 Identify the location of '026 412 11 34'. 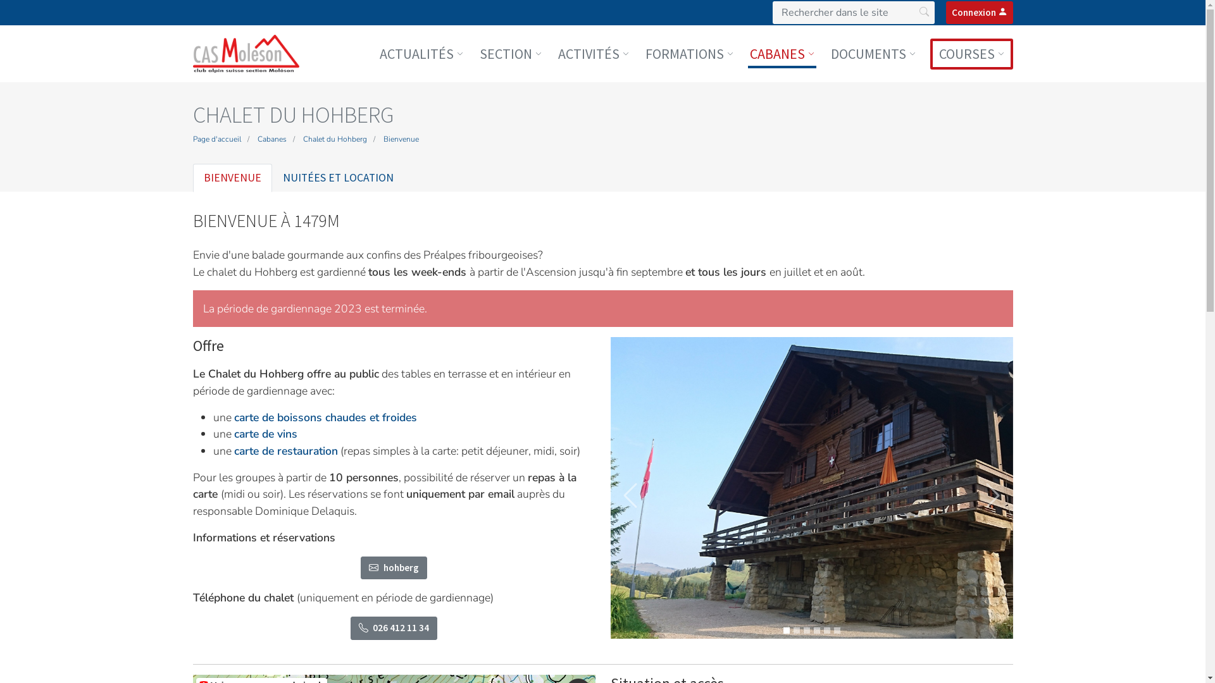
(394, 628).